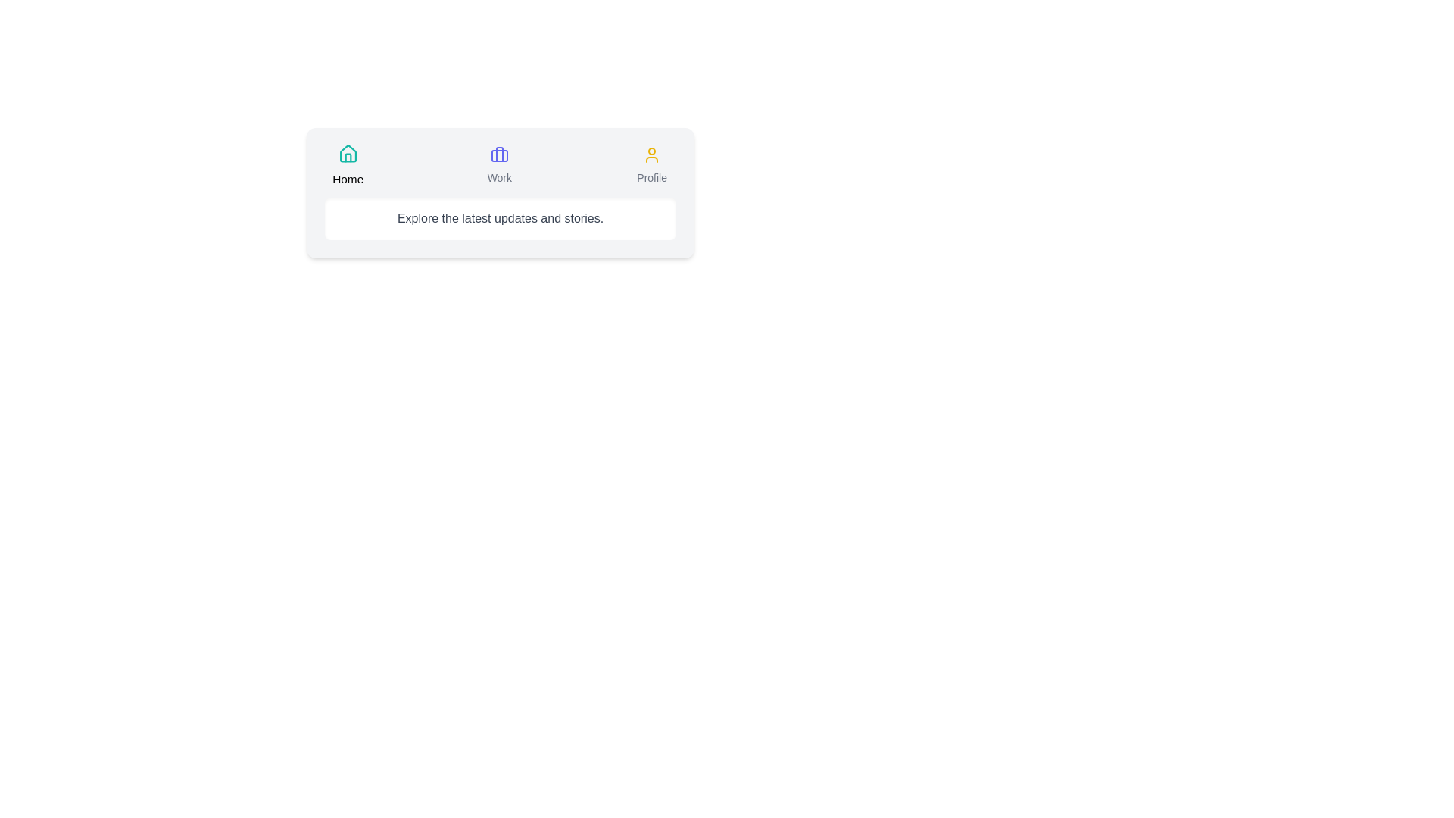  I want to click on the Profile tab to view its content, so click(652, 166).